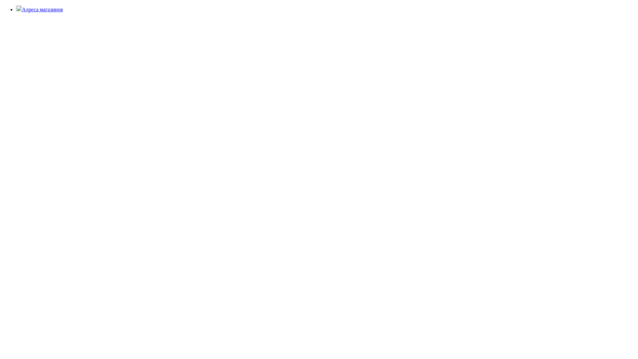 This screenshot has height=359, width=638. What do you see at coordinates (19, 8) in the screenshot?
I see `'location'` at bounding box center [19, 8].